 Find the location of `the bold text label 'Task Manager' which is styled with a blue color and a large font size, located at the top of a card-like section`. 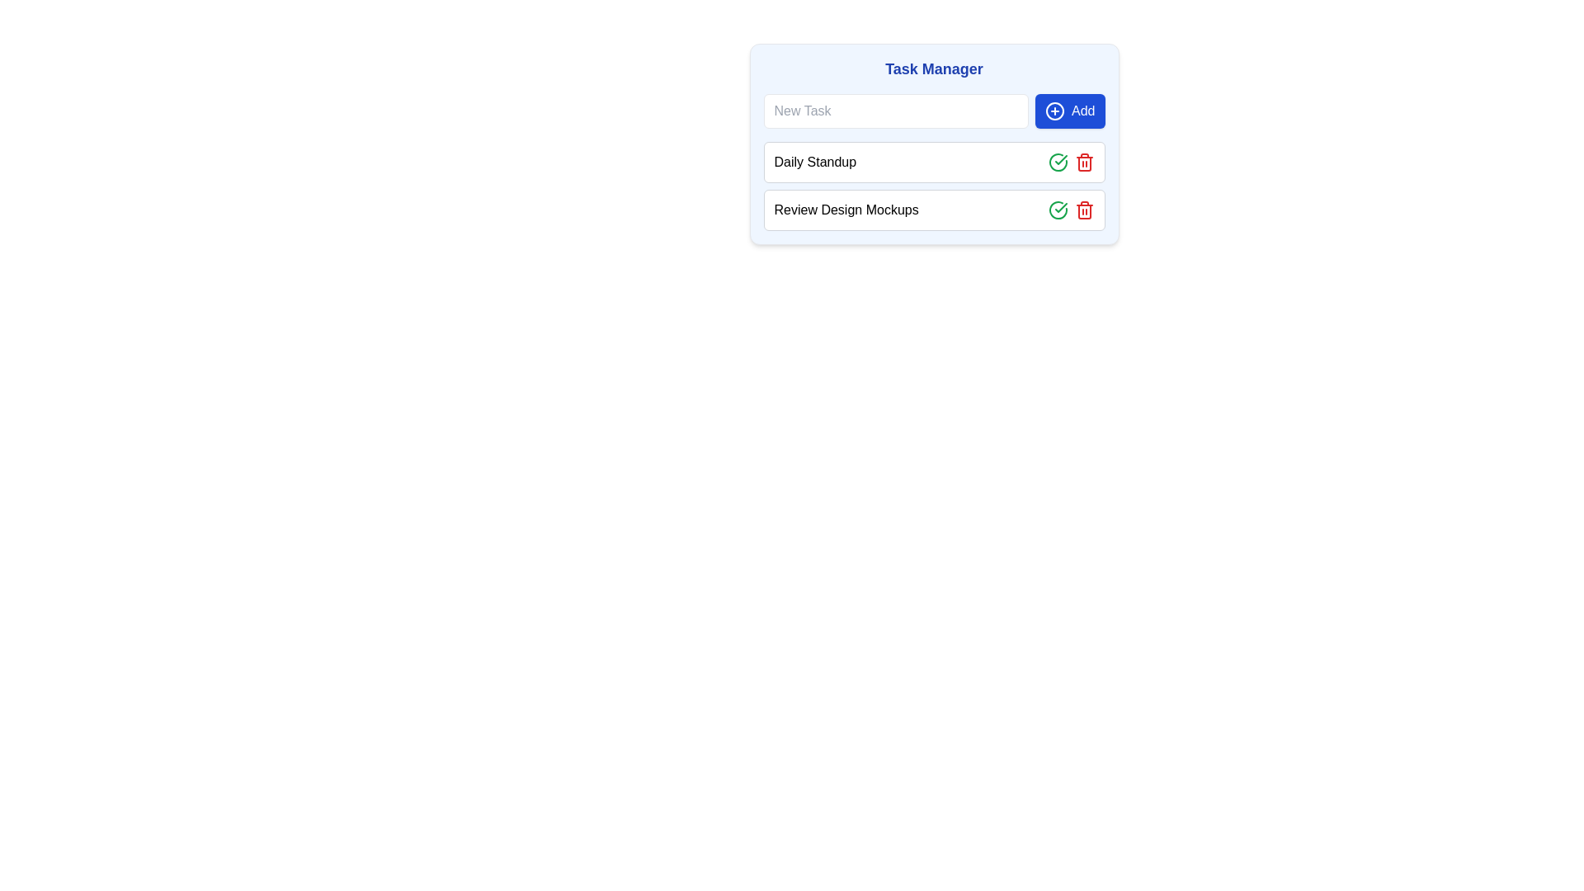

the bold text label 'Task Manager' which is styled with a blue color and a large font size, located at the top of a card-like section is located at coordinates (934, 68).